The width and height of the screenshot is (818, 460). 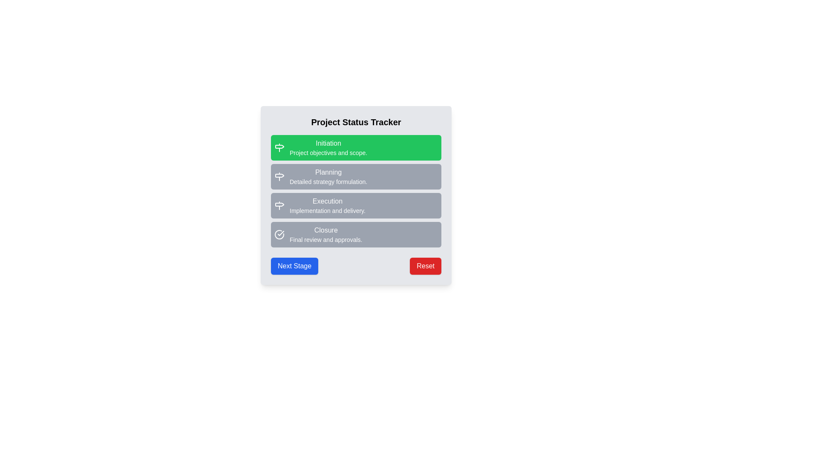 What do you see at coordinates (279, 146) in the screenshot?
I see `the small SVG drawing representing a simplified flag on a pole, which is part of the milestone representation adjacent to the label 'Initiation'` at bounding box center [279, 146].